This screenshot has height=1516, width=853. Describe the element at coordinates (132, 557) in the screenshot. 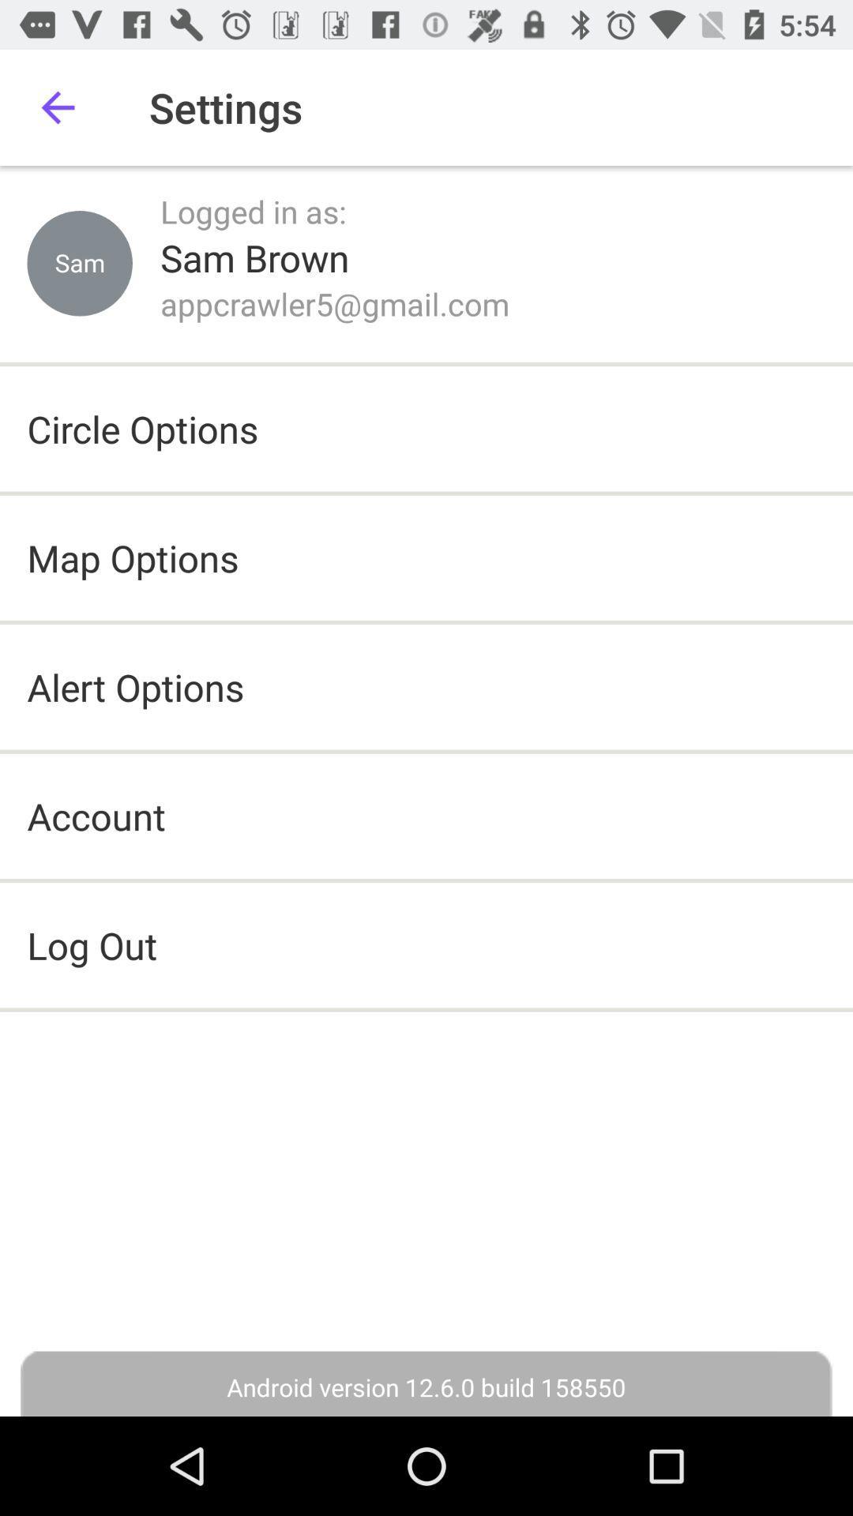

I see `the map options icon` at that location.